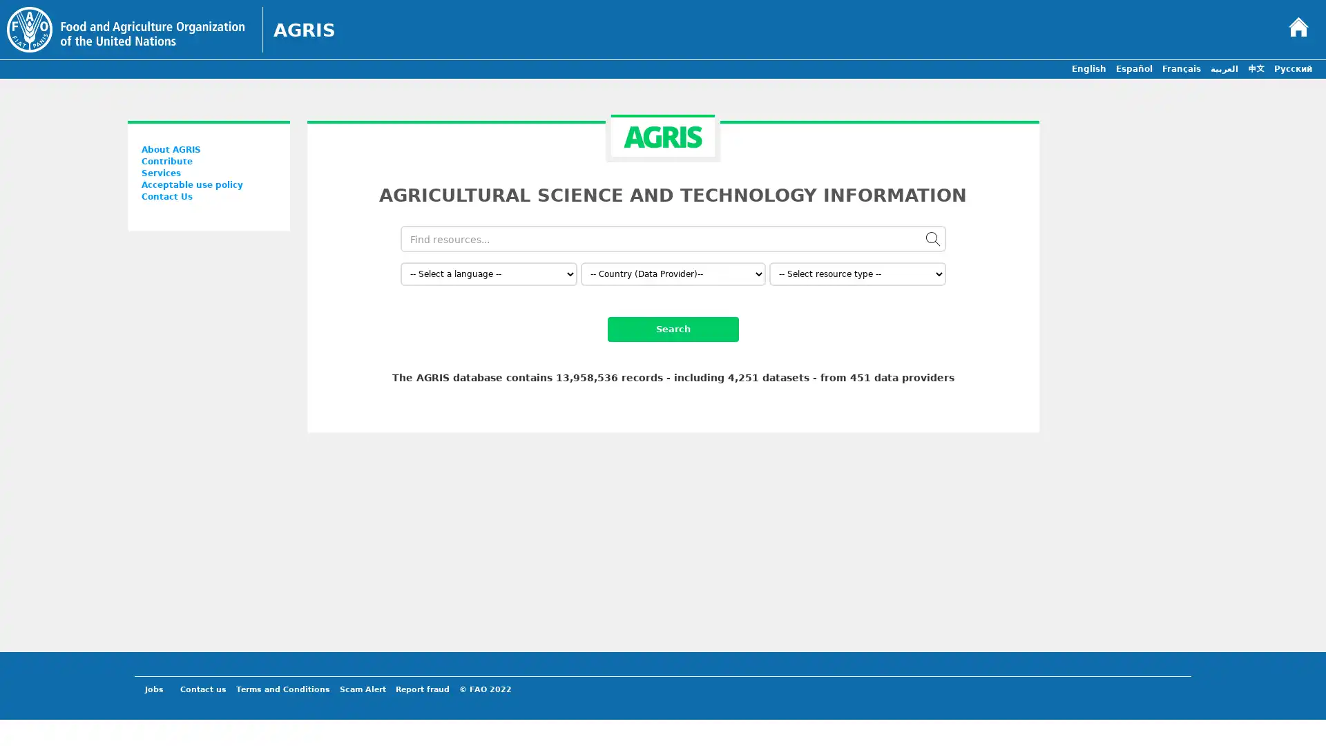 This screenshot has width=1326, height=746. What do you see at coordinates (673, 329) in the screenshot?
I see `Search` at bounding box center [673, 329].